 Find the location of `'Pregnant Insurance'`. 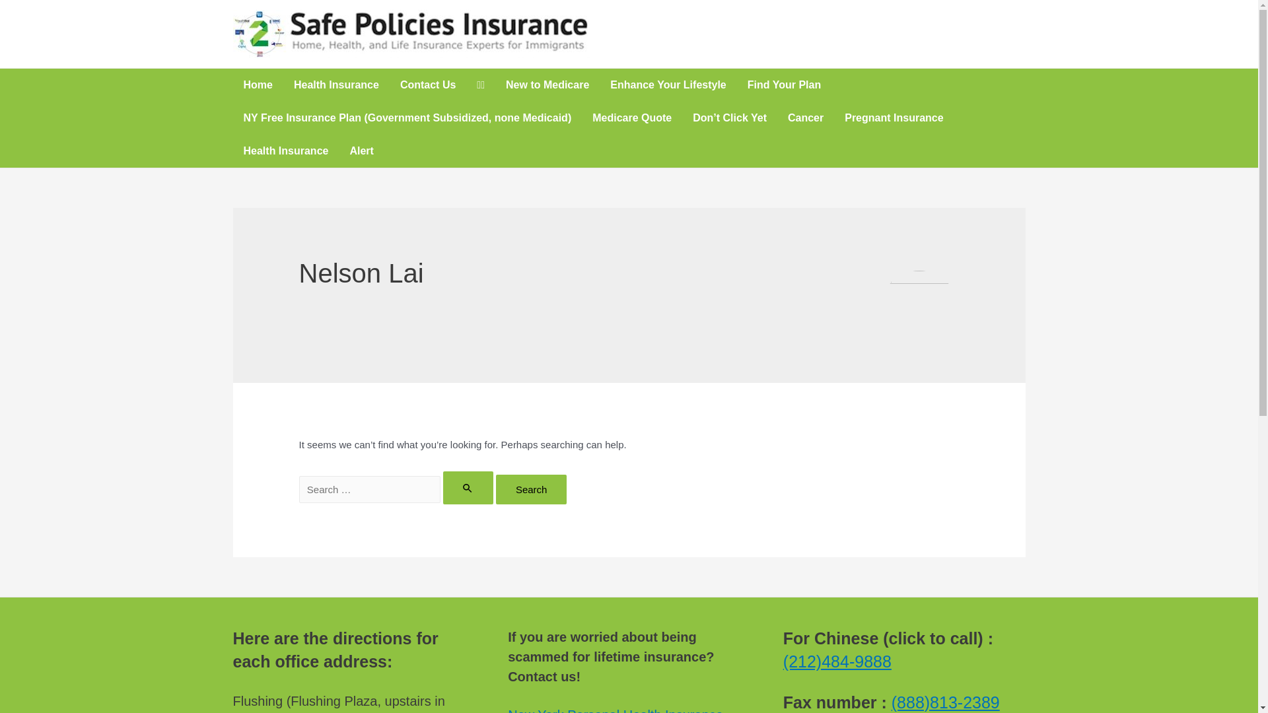

'Pregnant Insurance' is located at coordinates (894, 117).